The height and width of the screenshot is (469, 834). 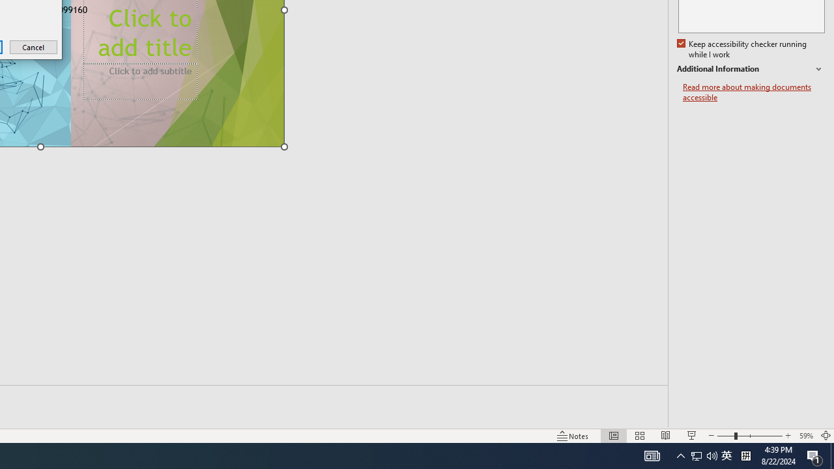 What do you see at coordinates (712, 455) in the screenshot?
I see `'Q2790: 100%'` at bounding box center [712, 455].